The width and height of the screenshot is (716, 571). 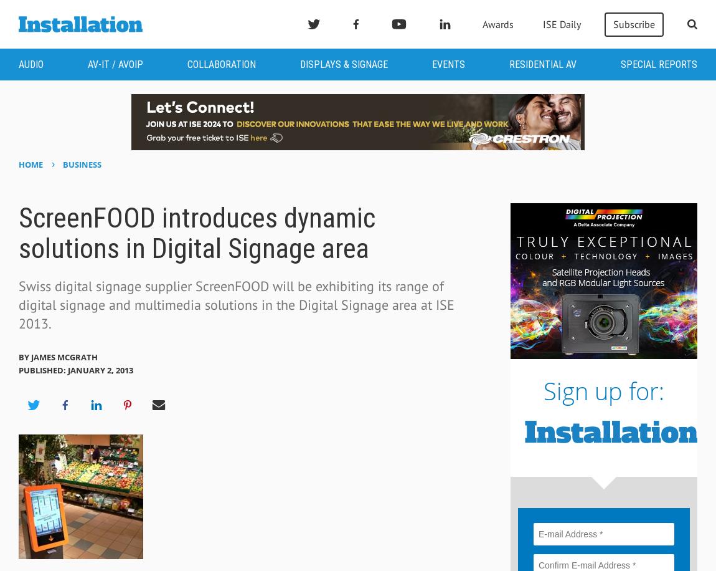 What do you see at coordinates (196, 233) in the screenshot?
I see `'ScreenFOOD introduces dynamic solutions in Digital Signage area'` at bounding box center [196, 233].